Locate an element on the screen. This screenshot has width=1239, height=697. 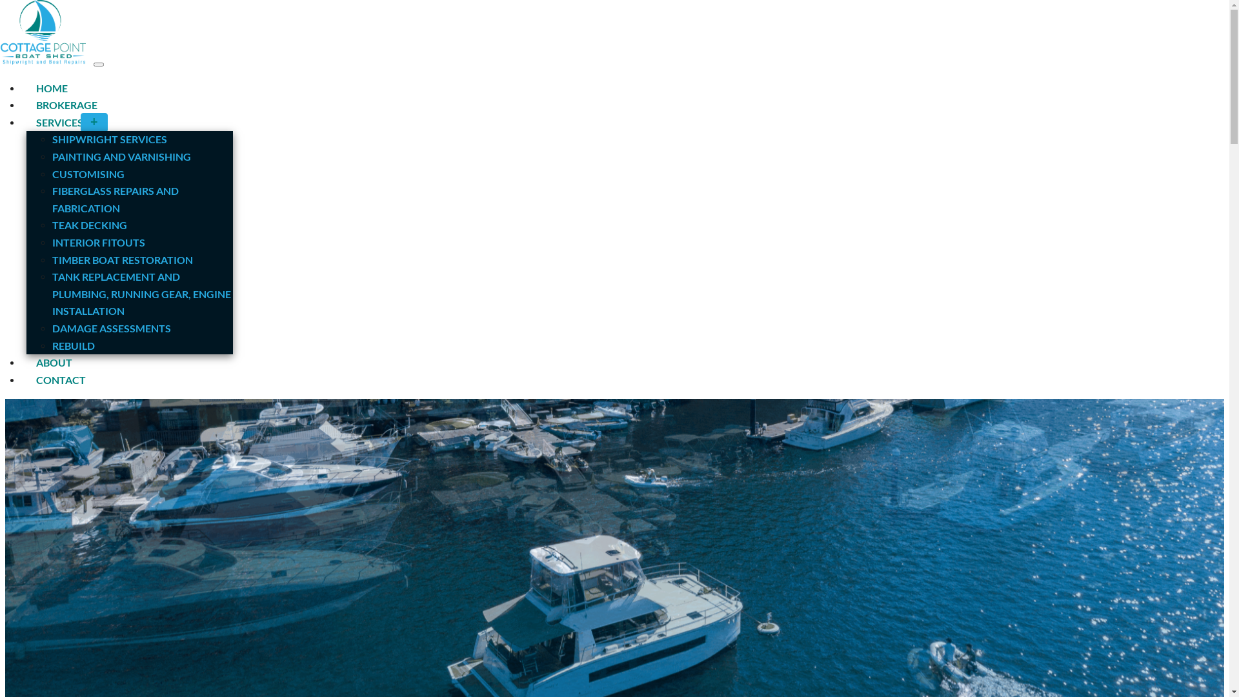
'ABOUT' is located at coordinates (53, 362).